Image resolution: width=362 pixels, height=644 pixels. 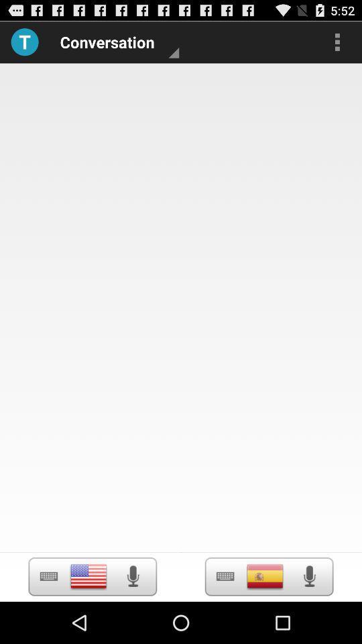 I want to click on language to english, so click(x=88, y=576).